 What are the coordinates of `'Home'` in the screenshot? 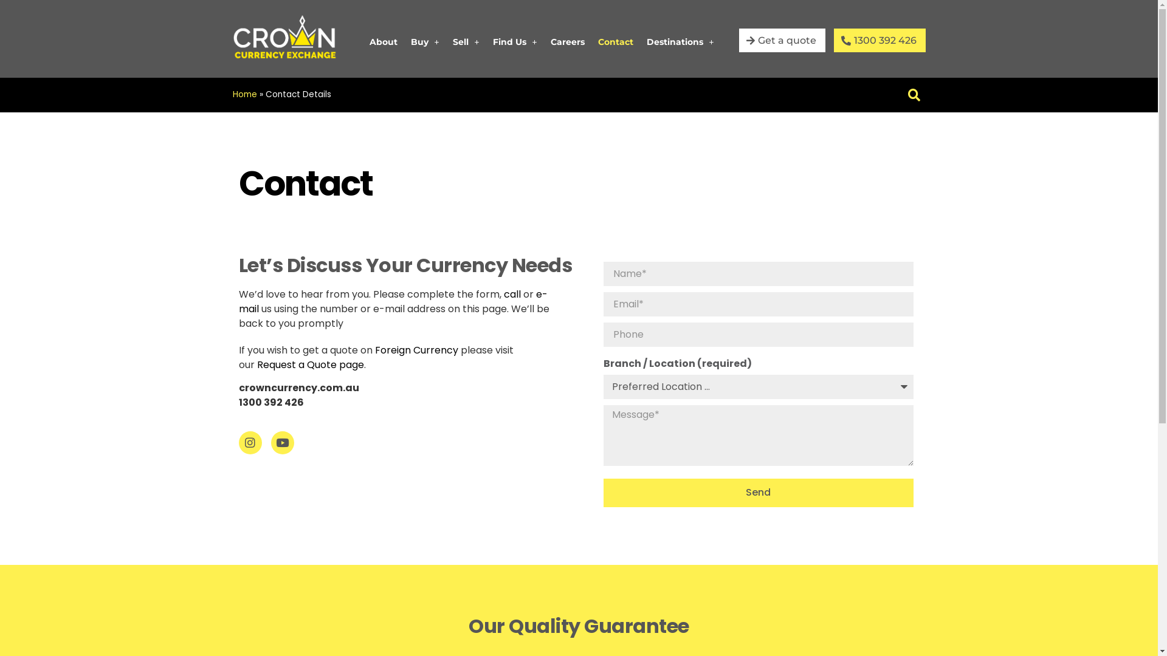 It's located at (244, 94).